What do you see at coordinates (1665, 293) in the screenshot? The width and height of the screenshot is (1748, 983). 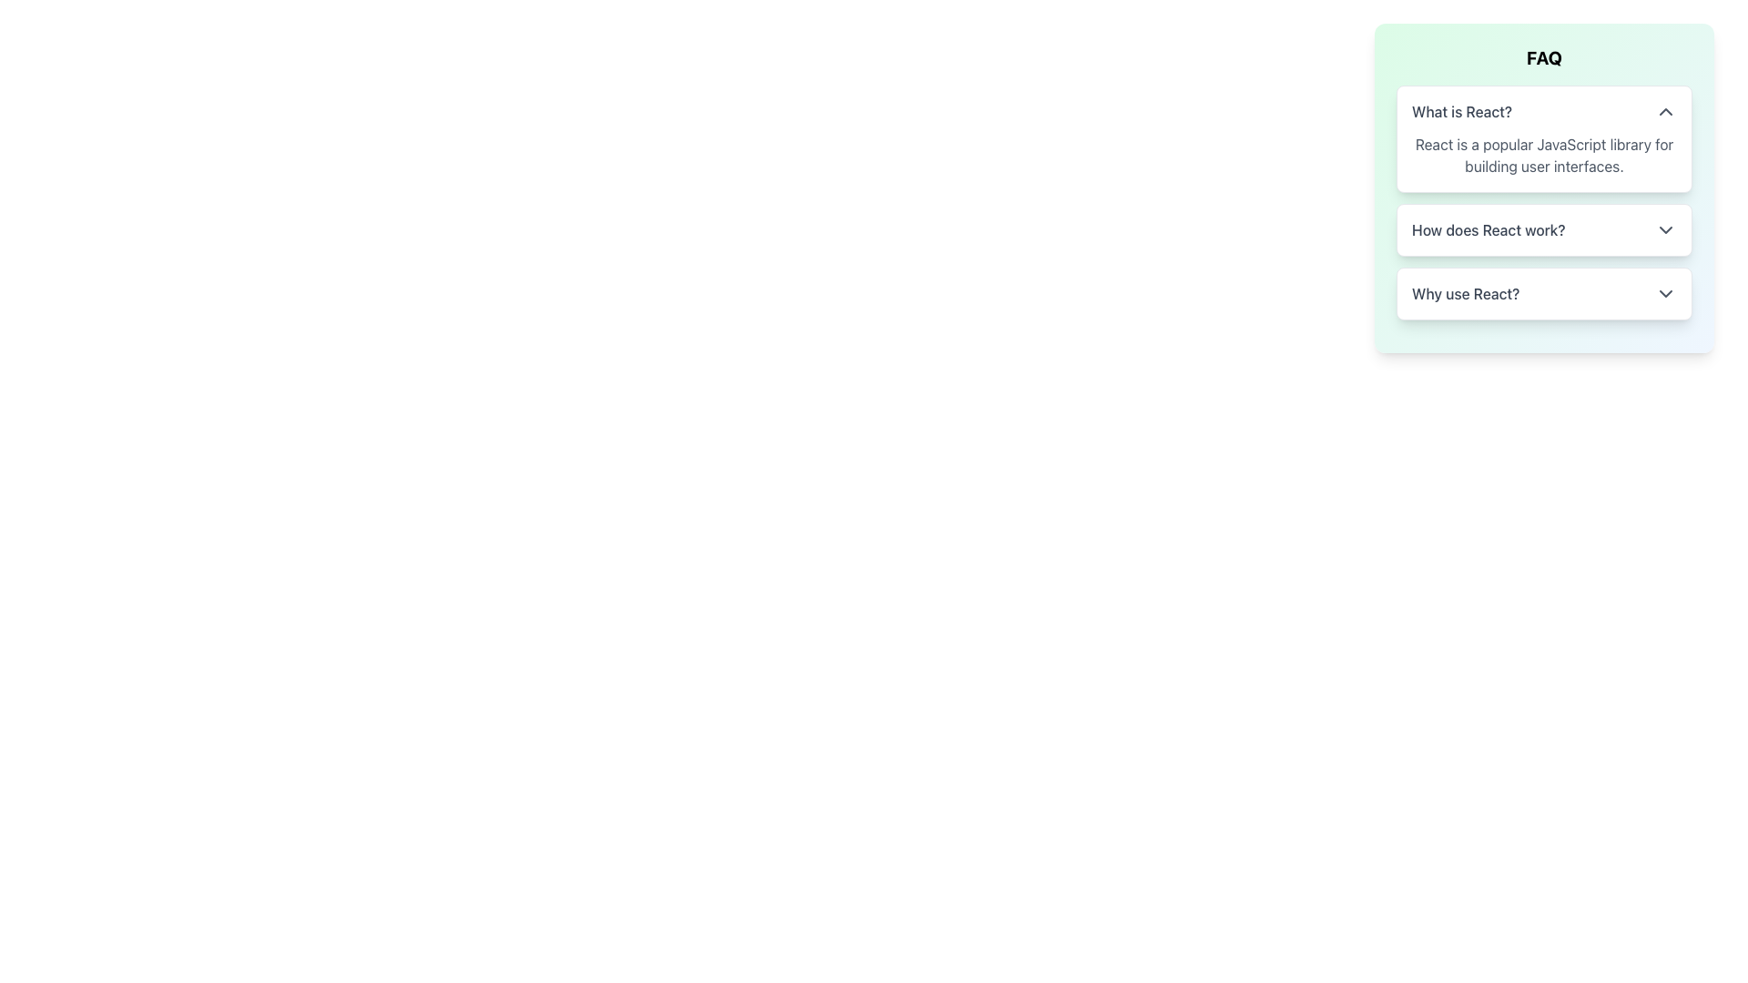 I see `the Chevron icon located to the immediate right of the 'Why use React?' text in the FAQ section` at bounding box center [1665, 293].